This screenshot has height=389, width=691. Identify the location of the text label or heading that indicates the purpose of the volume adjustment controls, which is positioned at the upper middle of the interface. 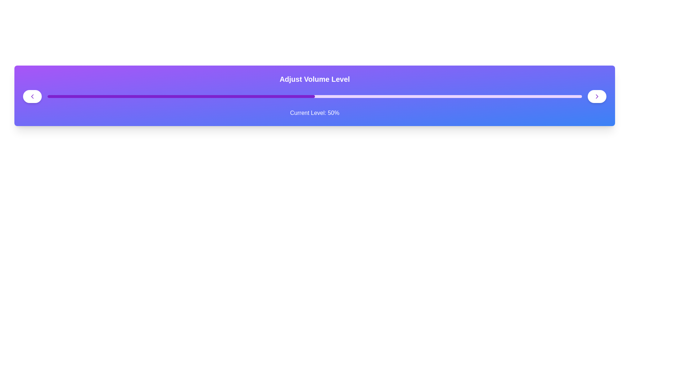
(315, 79).